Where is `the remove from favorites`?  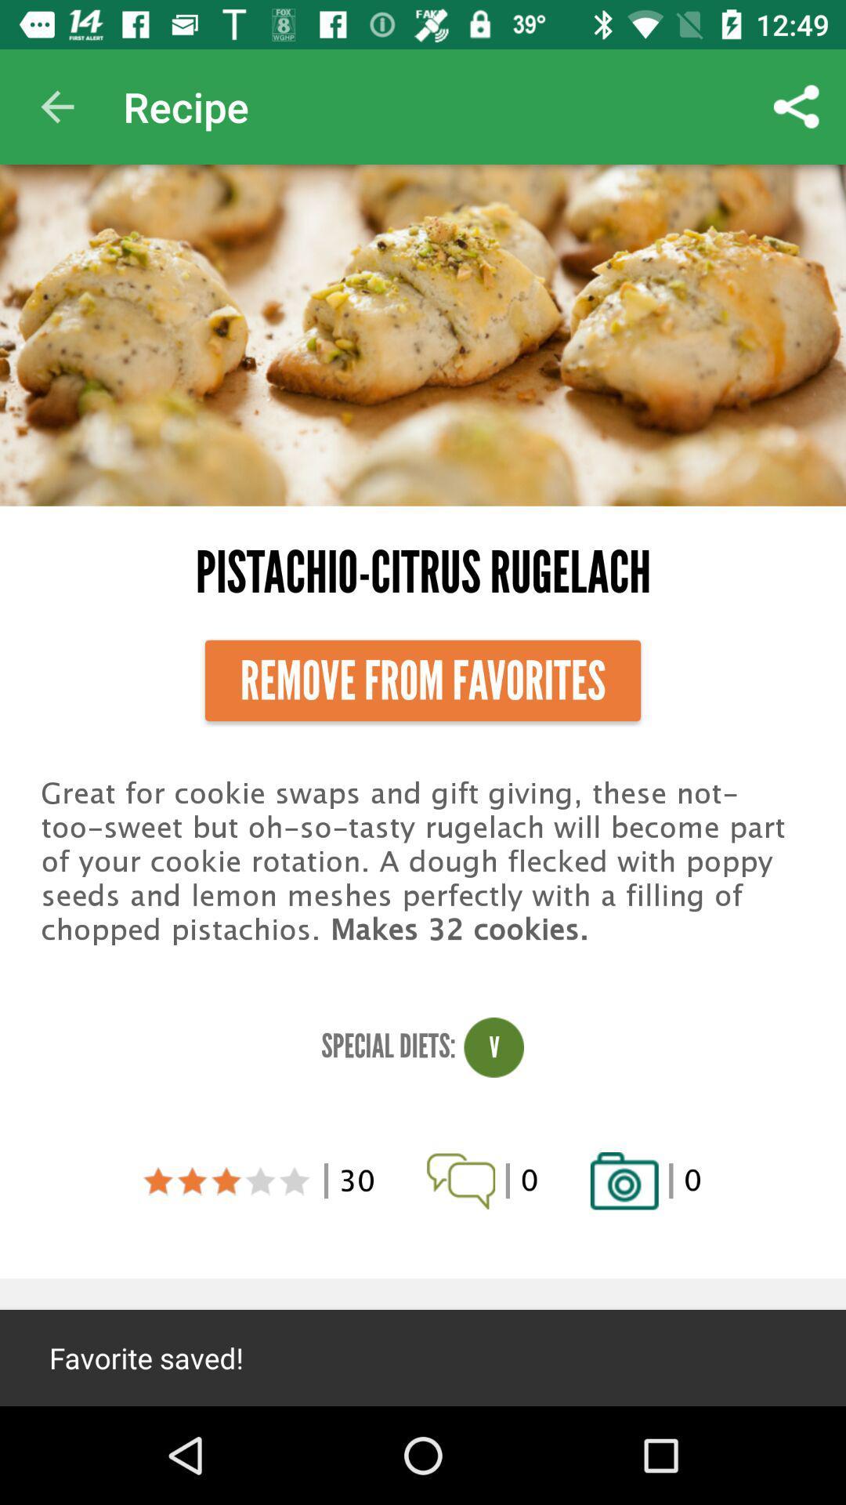 the remove from favorites is located at coordinates (423, 680).